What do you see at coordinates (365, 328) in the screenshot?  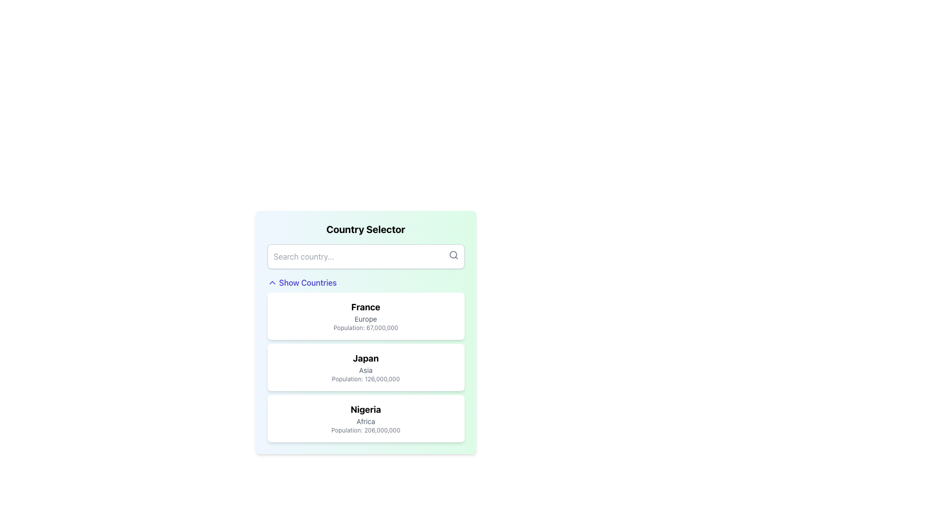 I see `the Text Label displaying the population information of France, located at the bottom of the card representing the country` at bounding box center [365, 328].